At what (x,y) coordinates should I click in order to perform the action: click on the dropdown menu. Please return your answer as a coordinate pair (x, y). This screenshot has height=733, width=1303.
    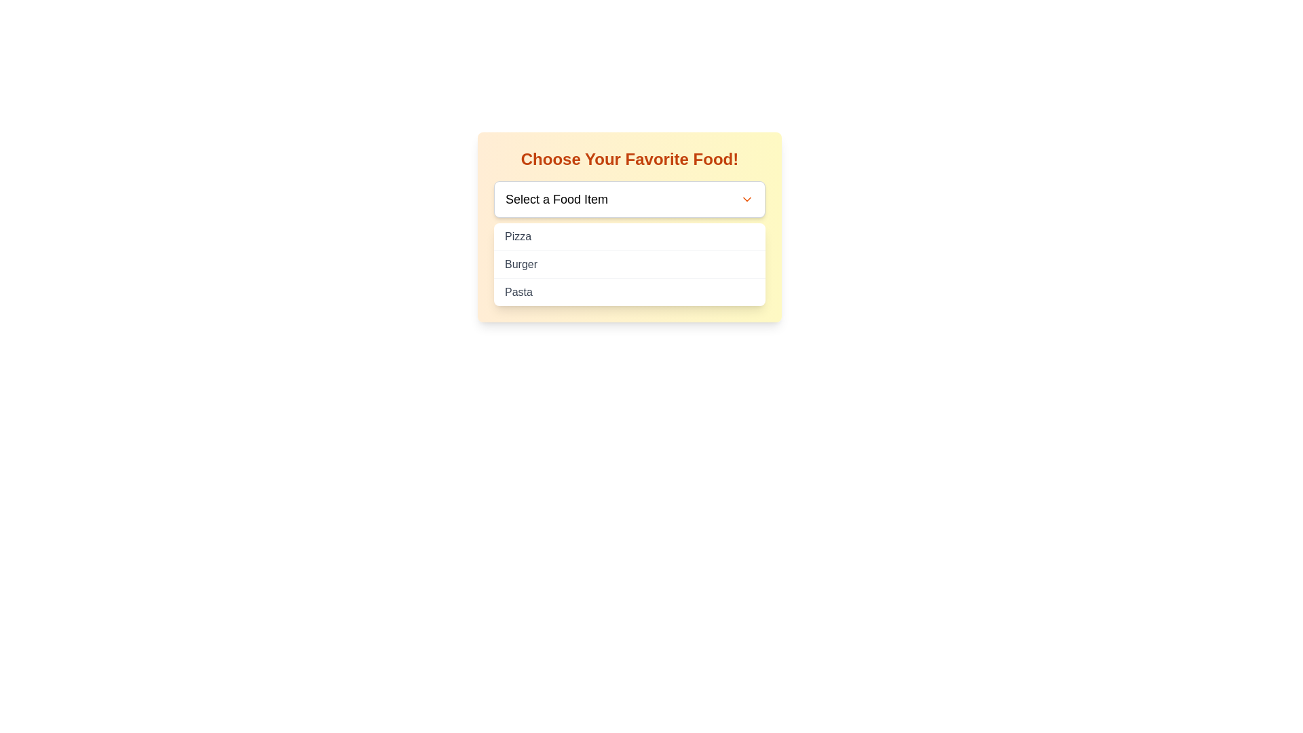
    Looking at the image, I should click on (628, 227).